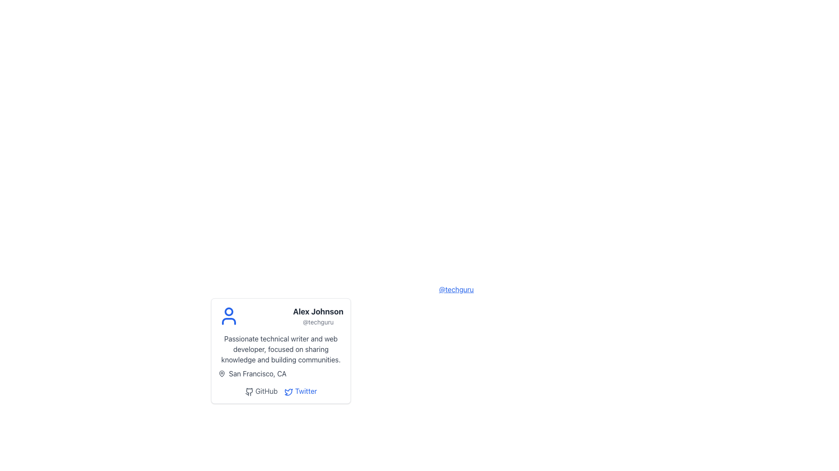 The width and height of the screenshot is (839, 471). Describe the element at coordinates (456, 289) in the screenshot. I see `the hyperlink located towards the middle-right of the interface above the detailed user profile section` at that location.